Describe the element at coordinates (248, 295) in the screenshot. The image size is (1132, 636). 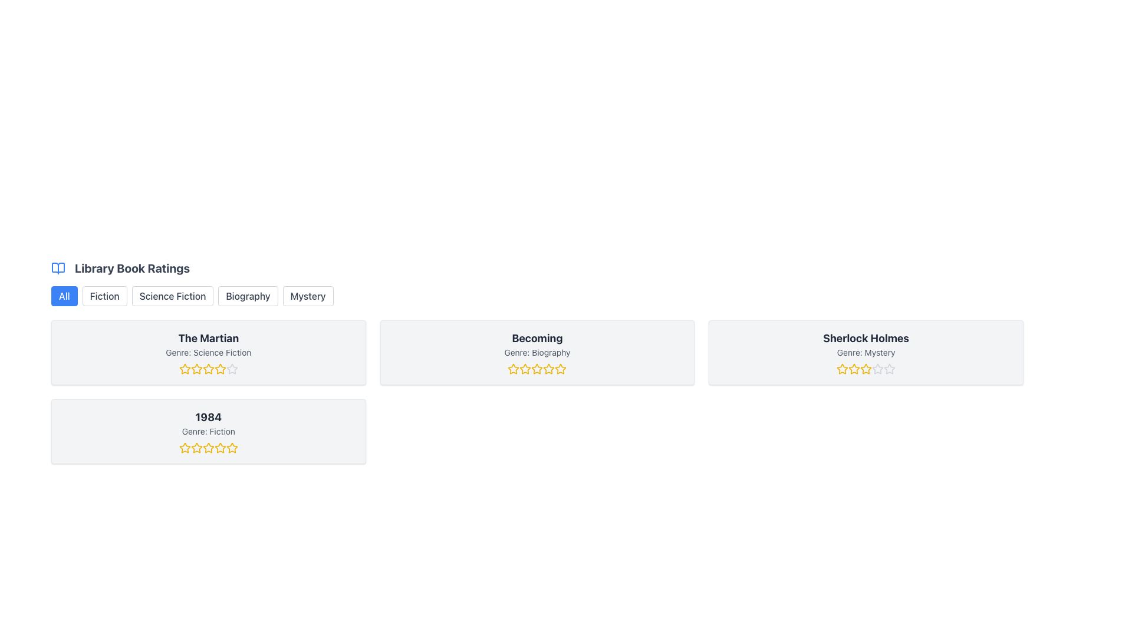
I see `the 'Biography' button, which is the fourth button in a horizontal row of category options located near the top of the page` at that location.